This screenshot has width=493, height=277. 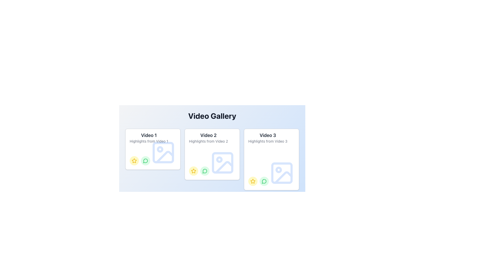 I want to click on the small text label reading 'Highlights from Video 3' located below the title 'Video 3' in the third video card of the 'Video Gallery' interface, so click(x=268, y=141).